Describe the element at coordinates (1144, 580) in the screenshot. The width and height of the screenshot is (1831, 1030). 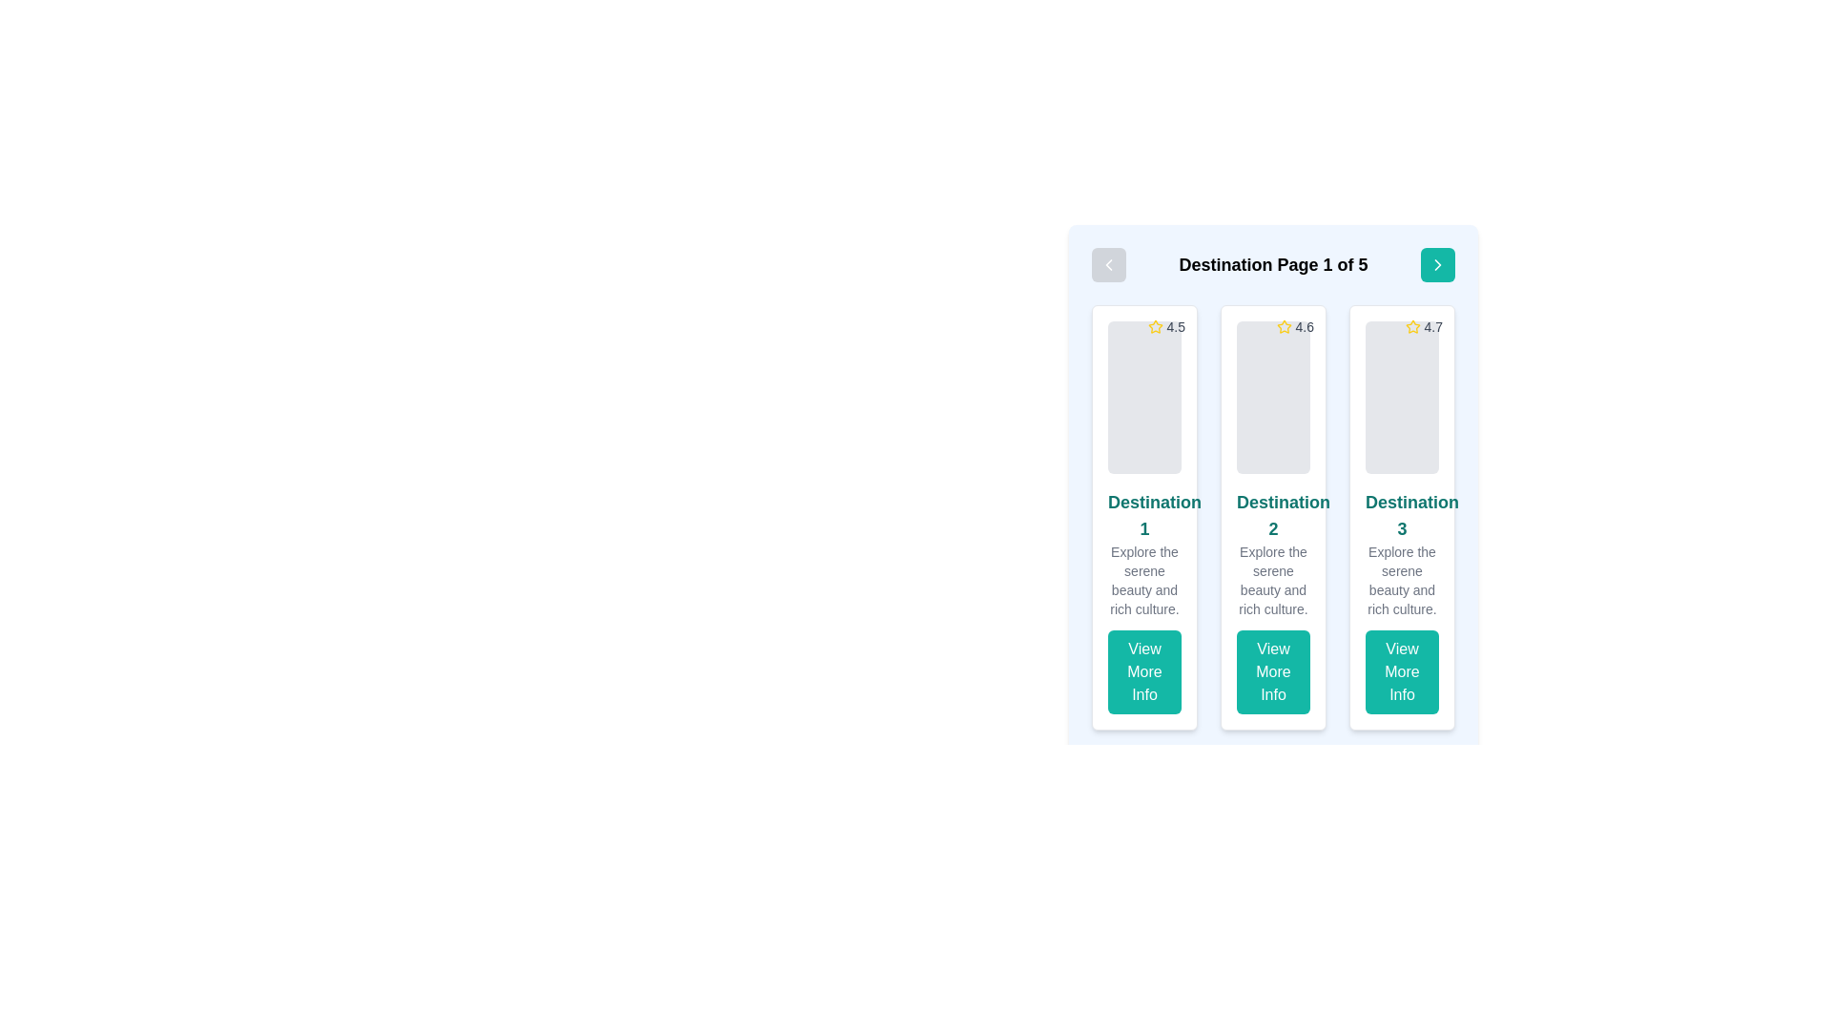
I see `the text paragraph displaying 'Explore the serene beauty and rich culture.' located in the first card below 'Destination 1' and above the 'View More Info' button` at that location.